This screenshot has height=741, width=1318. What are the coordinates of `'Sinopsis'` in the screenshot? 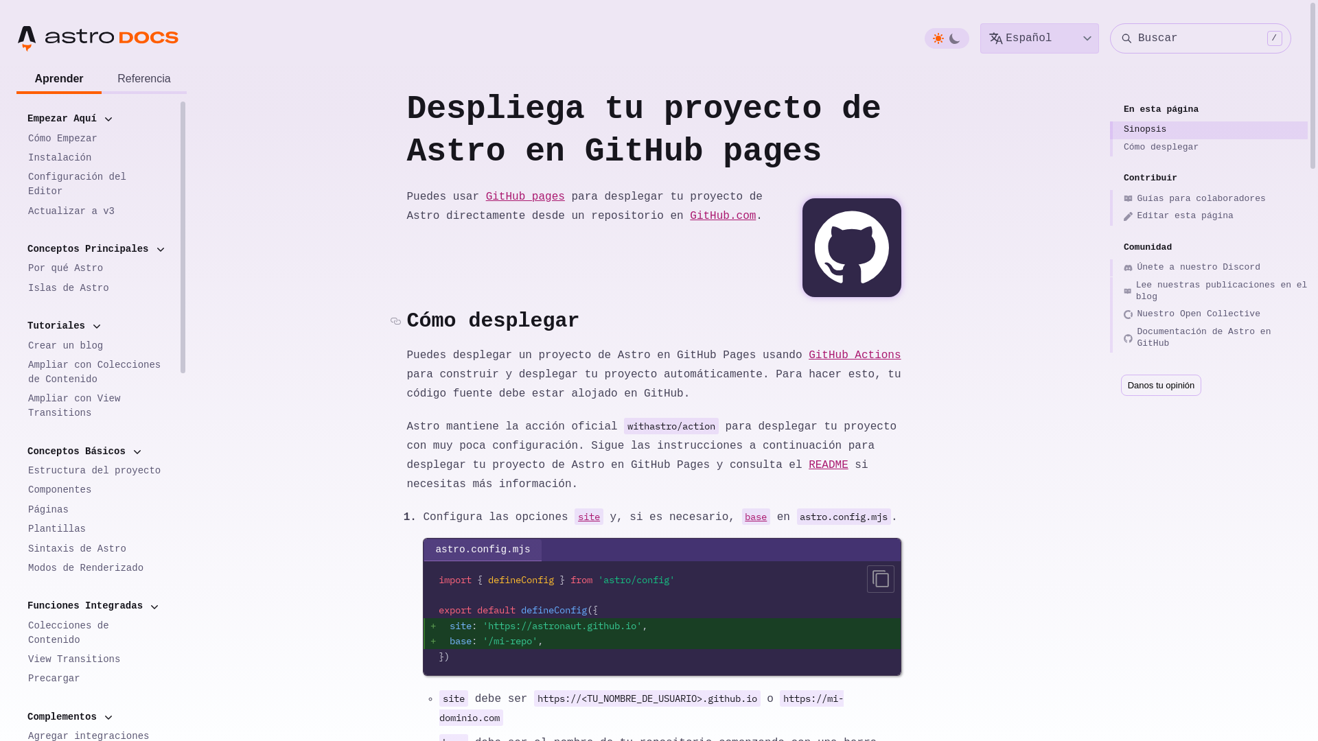 It's located at (1209, 130).